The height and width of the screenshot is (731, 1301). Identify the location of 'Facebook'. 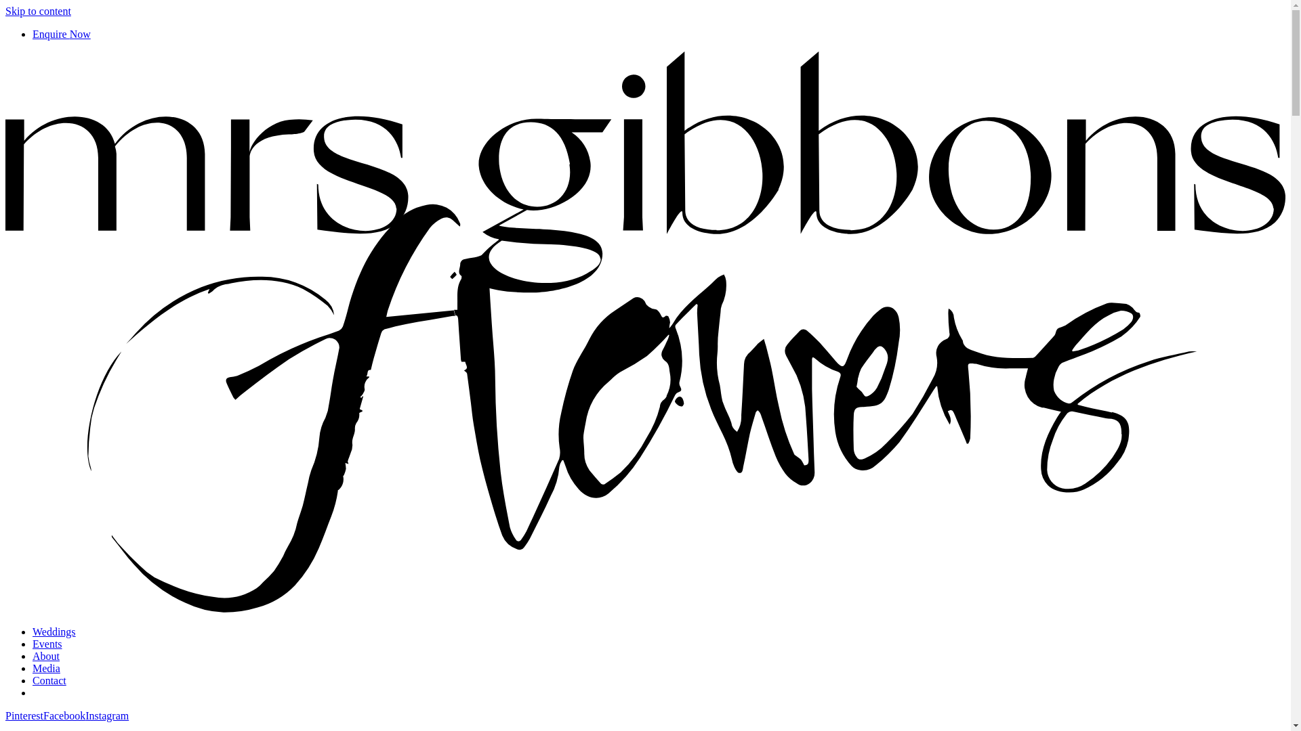
(64, 715).